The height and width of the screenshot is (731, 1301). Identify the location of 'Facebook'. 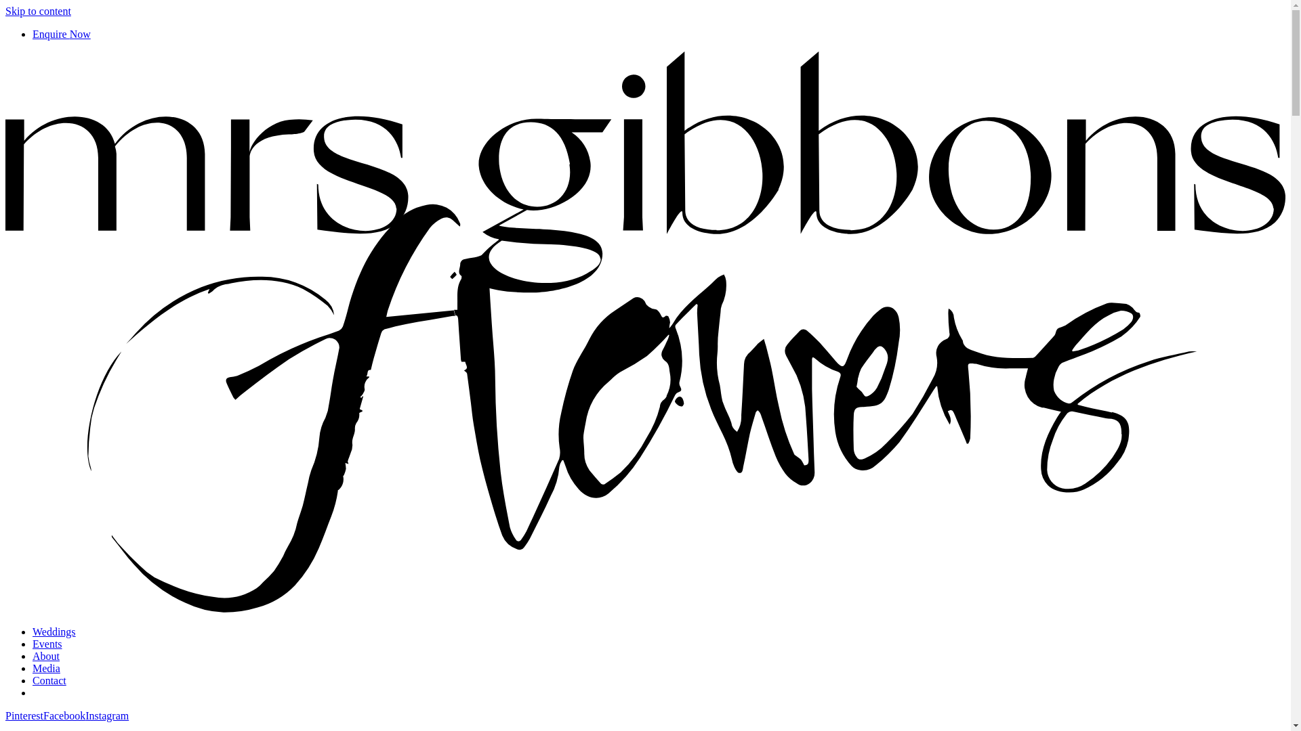
(64, 715).